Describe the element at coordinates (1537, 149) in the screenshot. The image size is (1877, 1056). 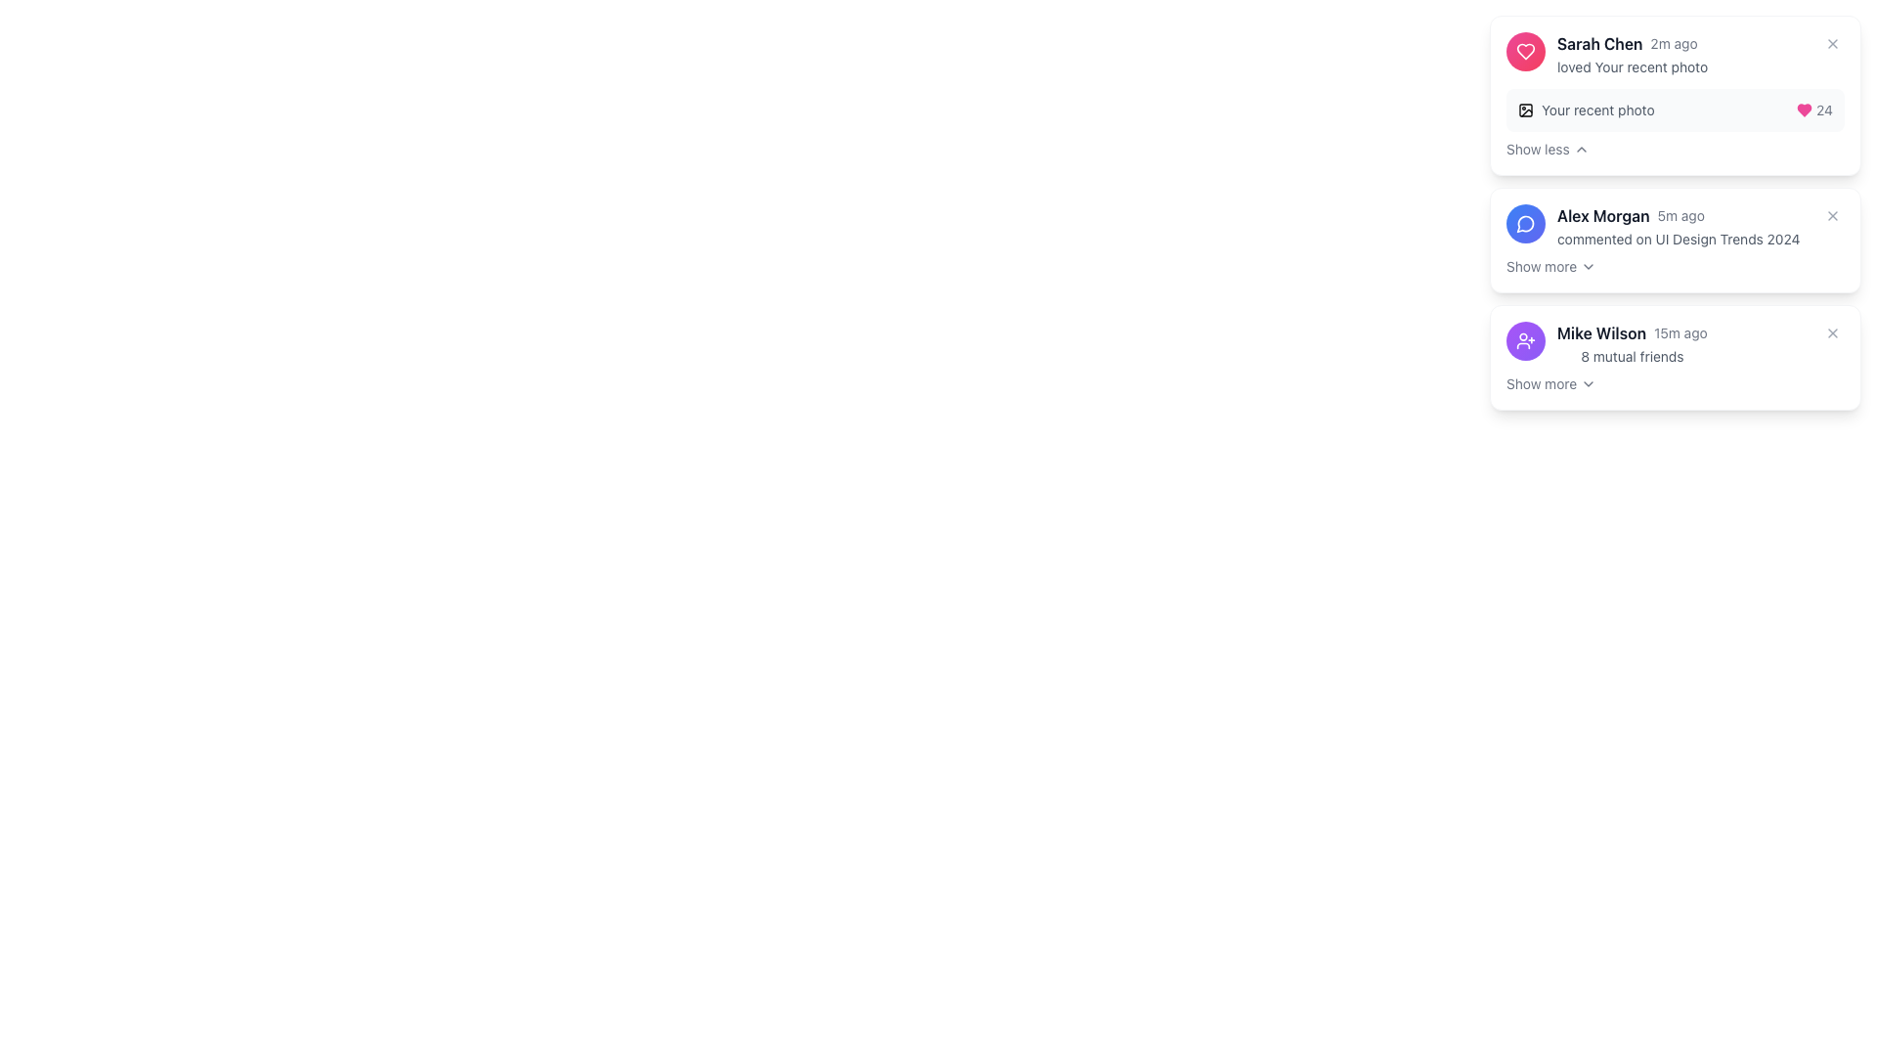
I see `the text label for 'Sarah Chen'` at that location.